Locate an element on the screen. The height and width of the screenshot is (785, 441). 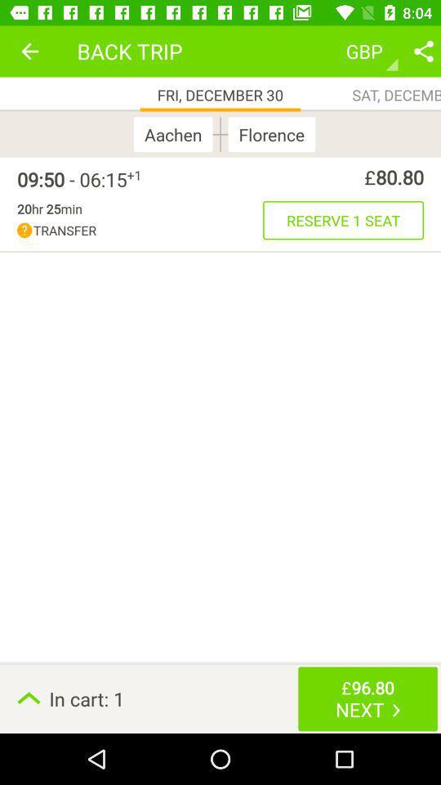
the item to the right of gbp icon is located at coordinates (423, 51).